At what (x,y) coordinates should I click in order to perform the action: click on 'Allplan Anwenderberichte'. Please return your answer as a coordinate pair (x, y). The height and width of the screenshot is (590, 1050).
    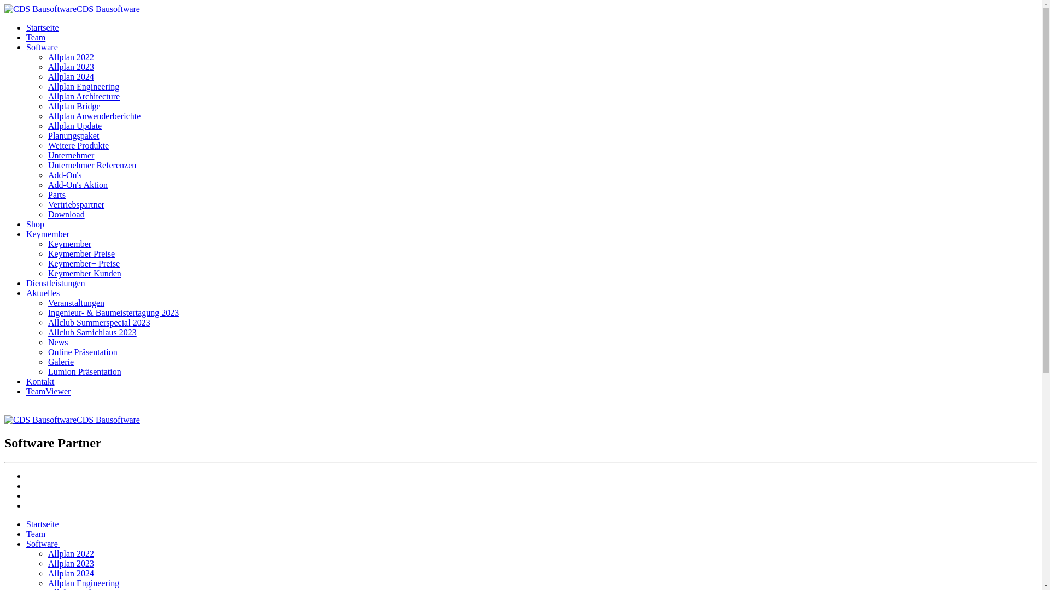
    Looking at the image, I should click on (94, 116).